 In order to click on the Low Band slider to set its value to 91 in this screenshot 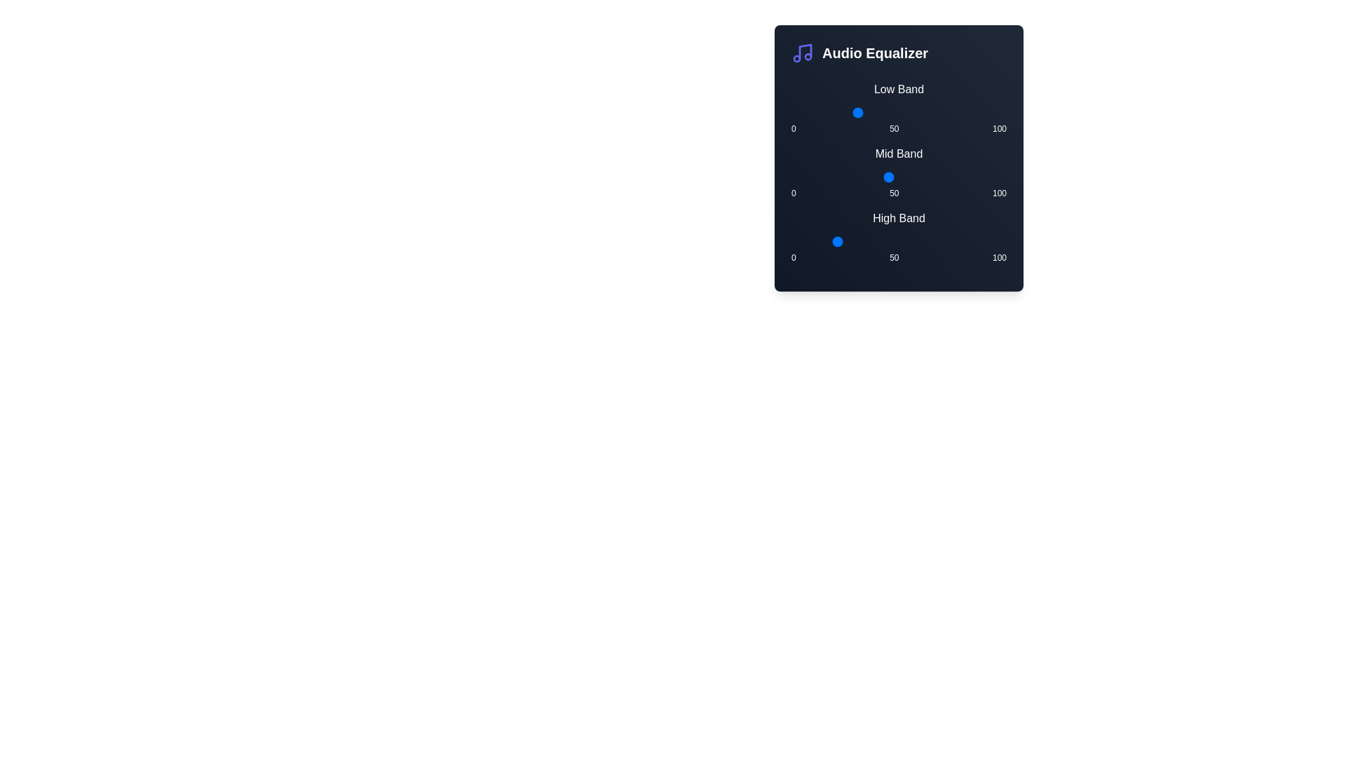, I will do `click(986, 112)`.